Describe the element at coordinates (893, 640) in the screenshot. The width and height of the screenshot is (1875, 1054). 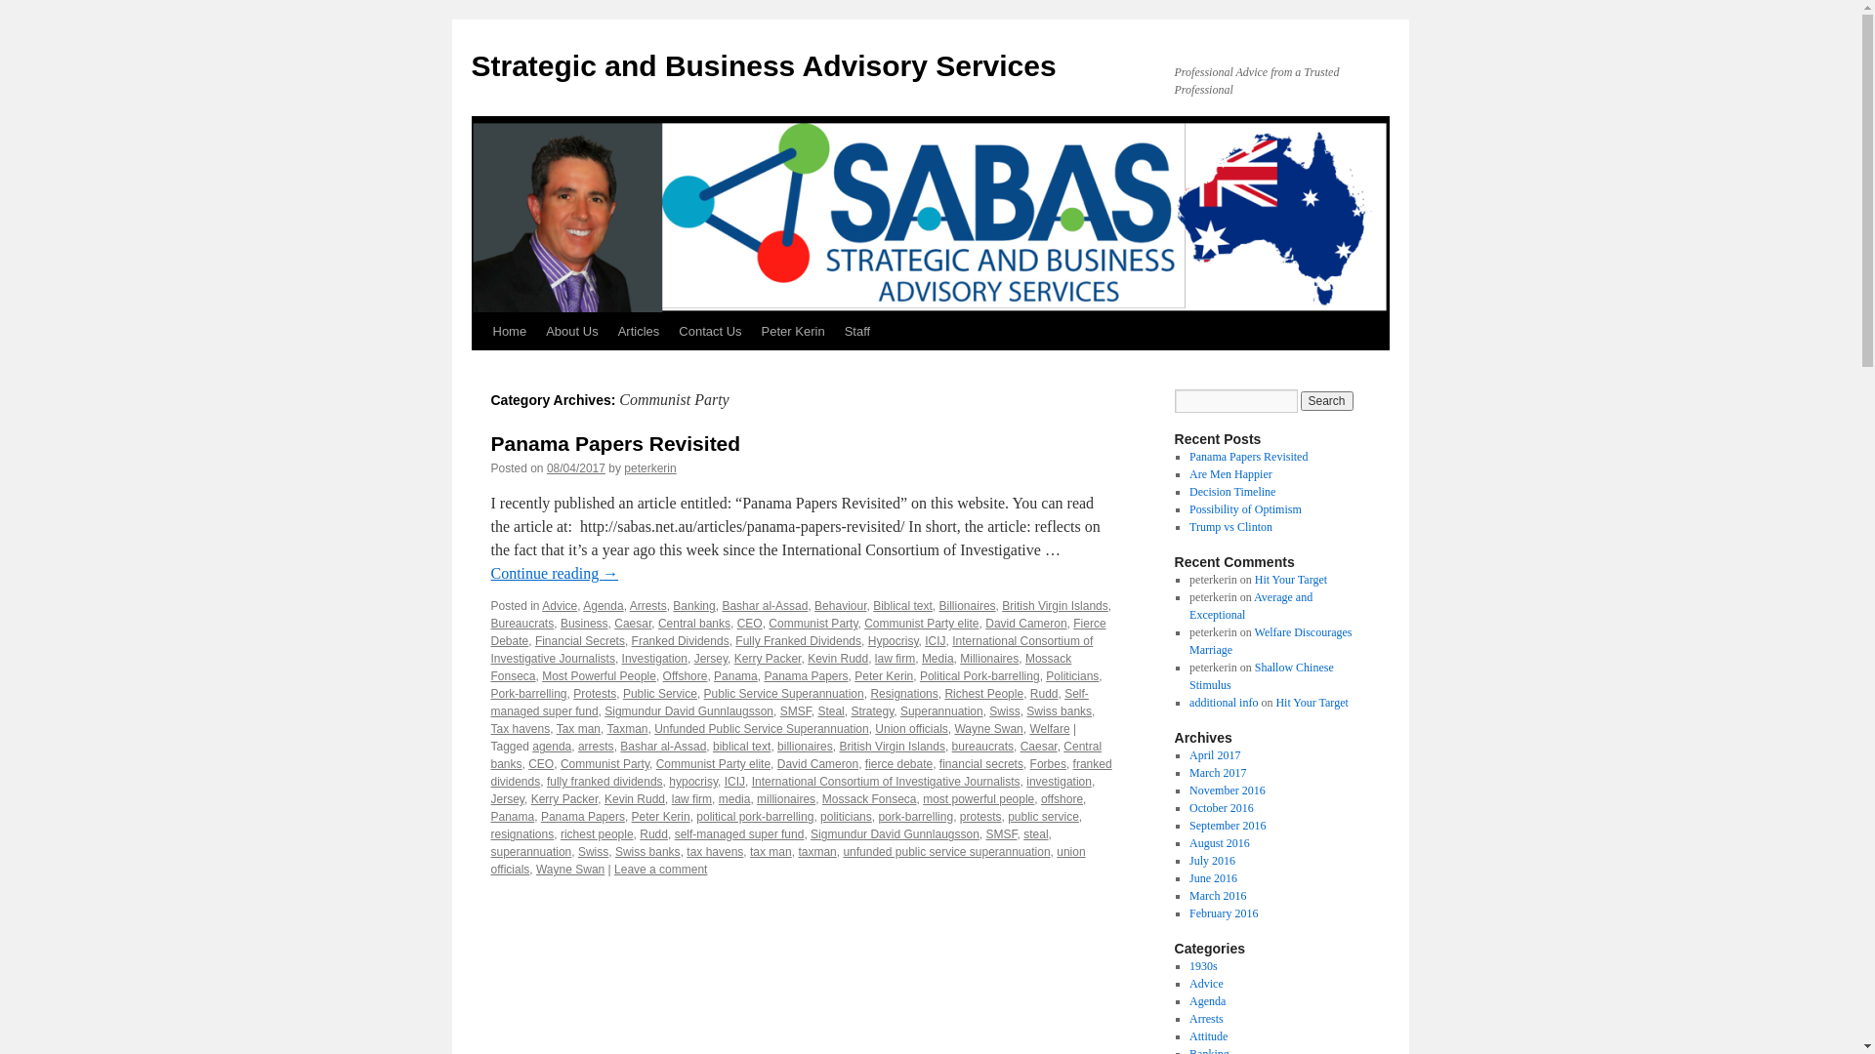
I see `'Hypocrisy'` at that location.